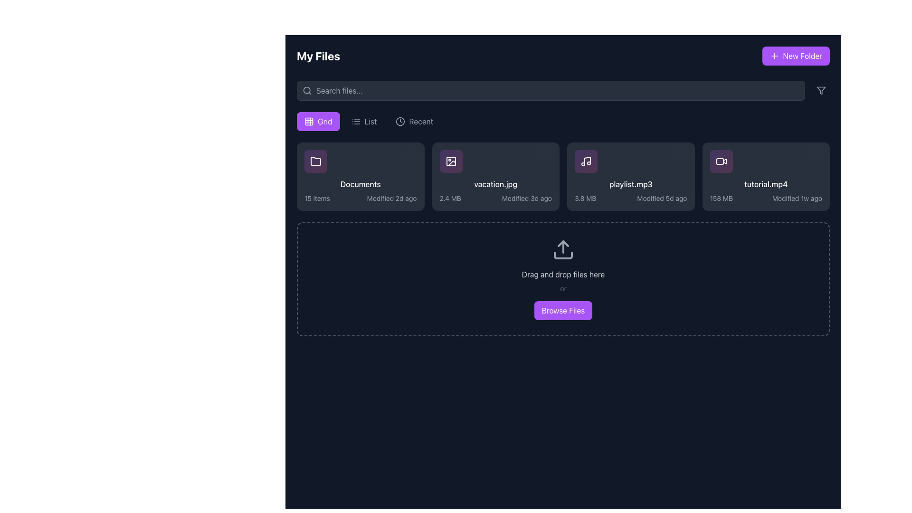  What do you see at coordinates (495, 184) in the screenshot?
I see `the text 'vacation.jpg'` at bounding box center [495, 184].